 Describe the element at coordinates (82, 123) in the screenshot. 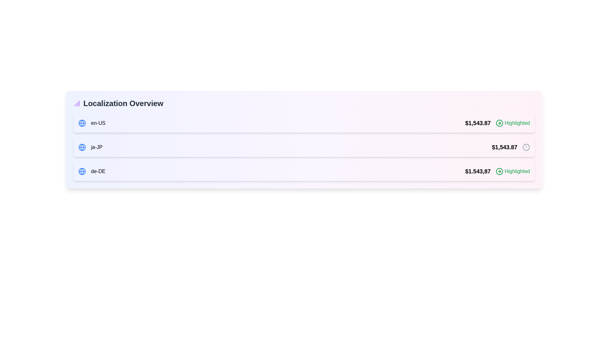

I see `the blue-stroked circular SVG shape that is part of the globe icon located to the left of the 'ja-JP' text in the Localization Overview interface` at that location.